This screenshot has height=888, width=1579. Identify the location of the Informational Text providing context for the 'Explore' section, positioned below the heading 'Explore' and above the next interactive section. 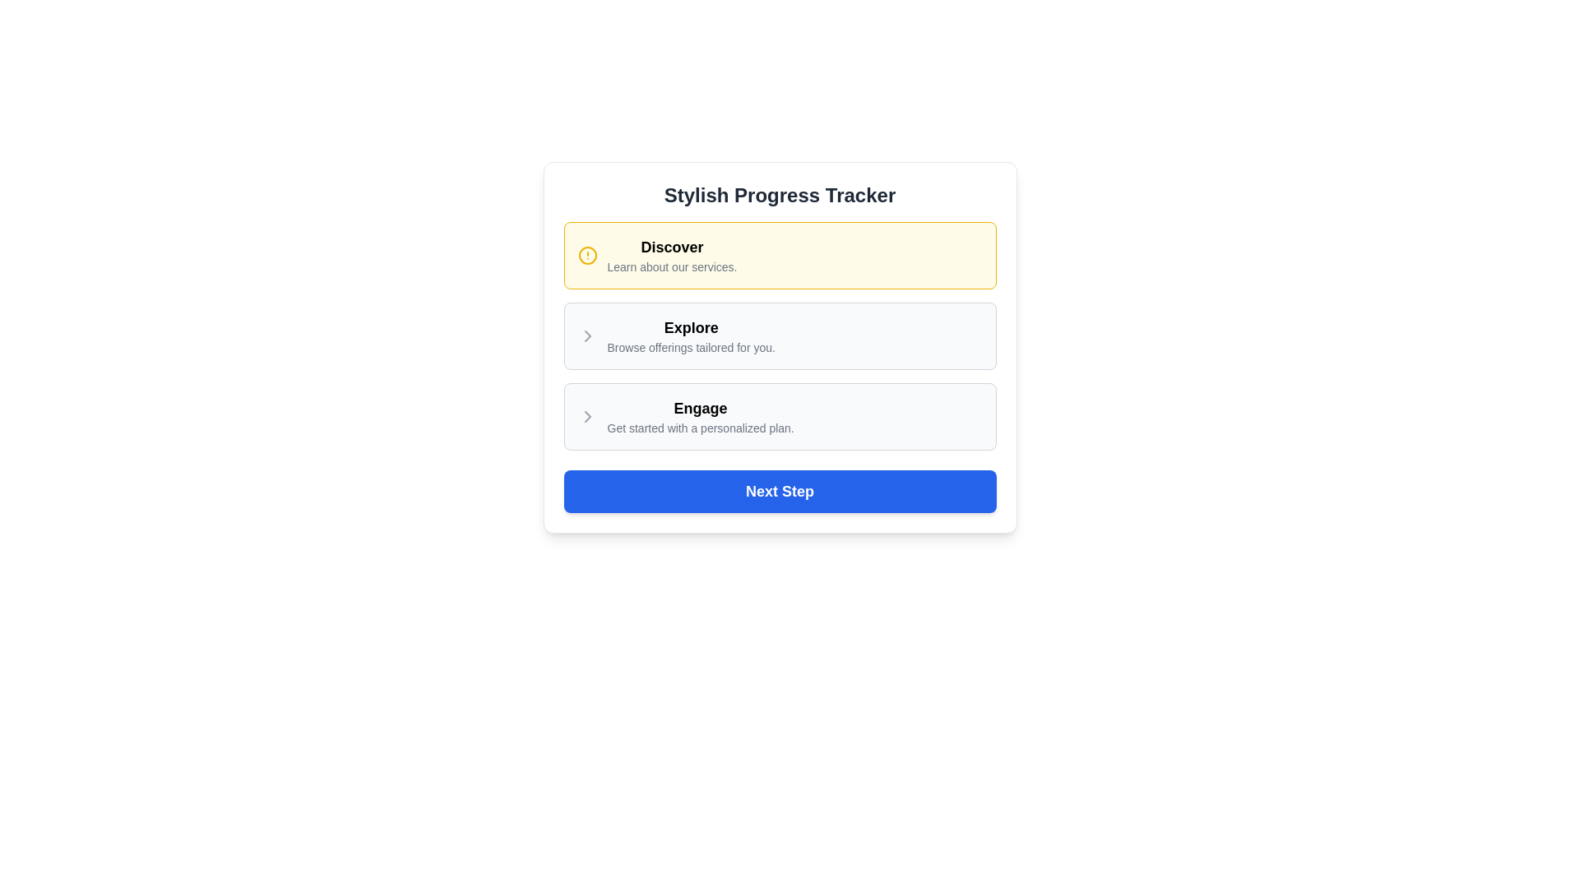
(691, 347).